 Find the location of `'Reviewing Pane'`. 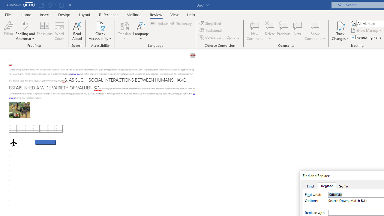

'Reviewing Pane' is located at coordinates (366, 37).